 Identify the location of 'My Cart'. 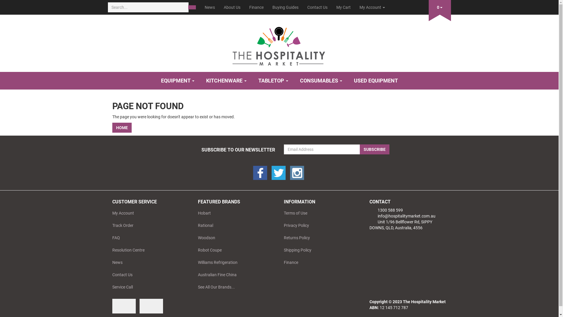
(343, 7).